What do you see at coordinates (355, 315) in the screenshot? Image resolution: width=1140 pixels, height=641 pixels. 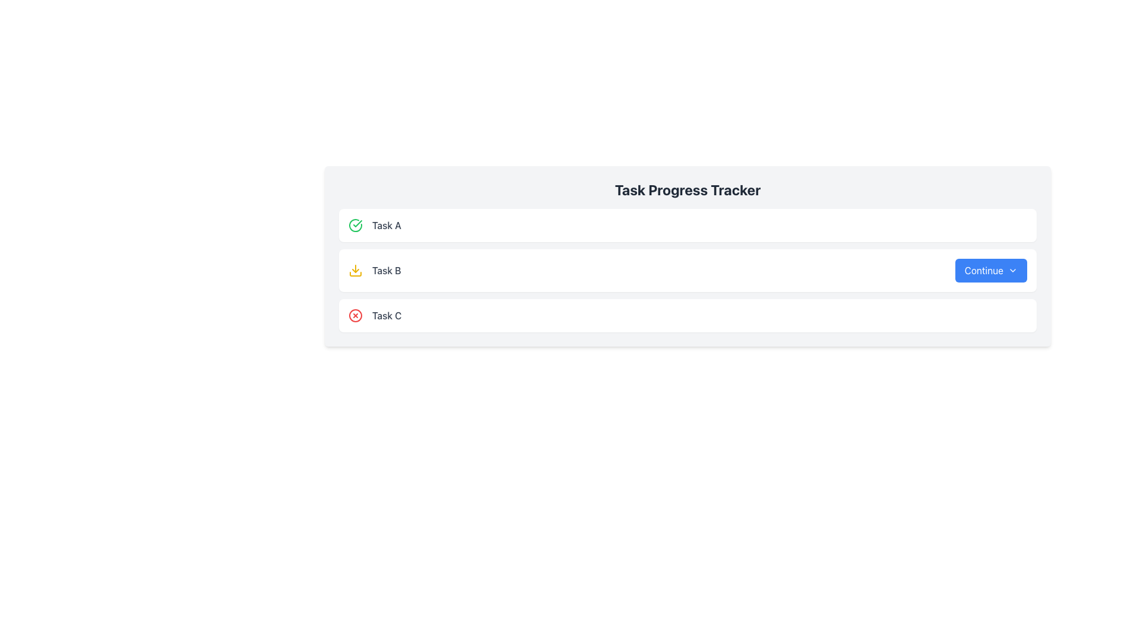 I see `the circular red outlined icon with a red cross inside, indicating a close or error function, located in the 'Task C' row of the task list` at bounding box center [355, 315].